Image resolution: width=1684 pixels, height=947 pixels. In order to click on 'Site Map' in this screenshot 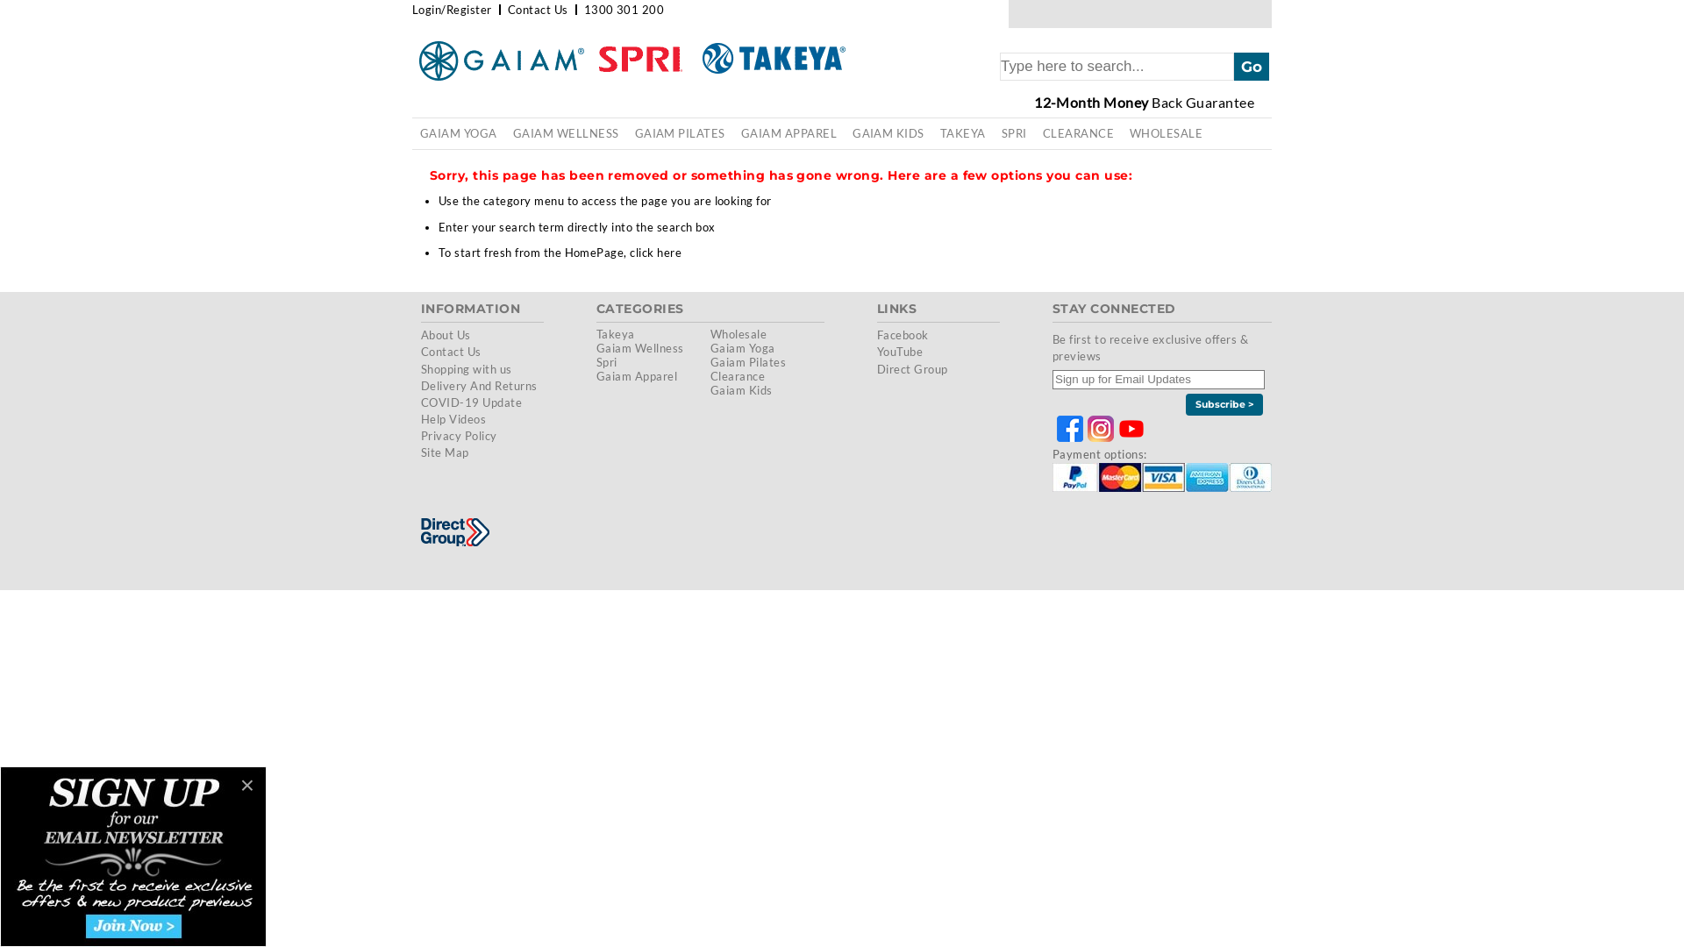, I will do `click(445, 452)`.